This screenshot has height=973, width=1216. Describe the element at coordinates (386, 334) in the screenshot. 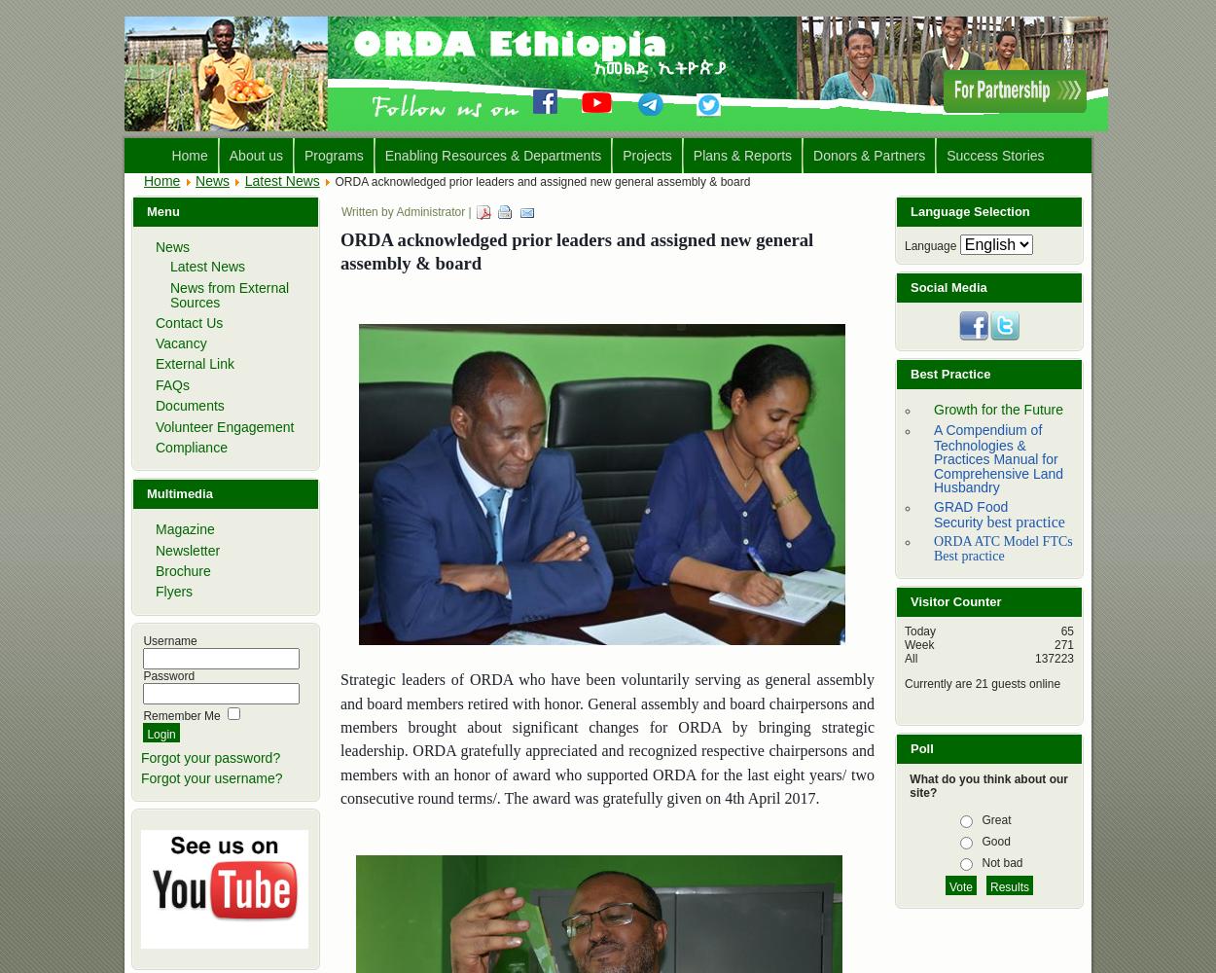

I see `'Property and Facility Department'` at that location.